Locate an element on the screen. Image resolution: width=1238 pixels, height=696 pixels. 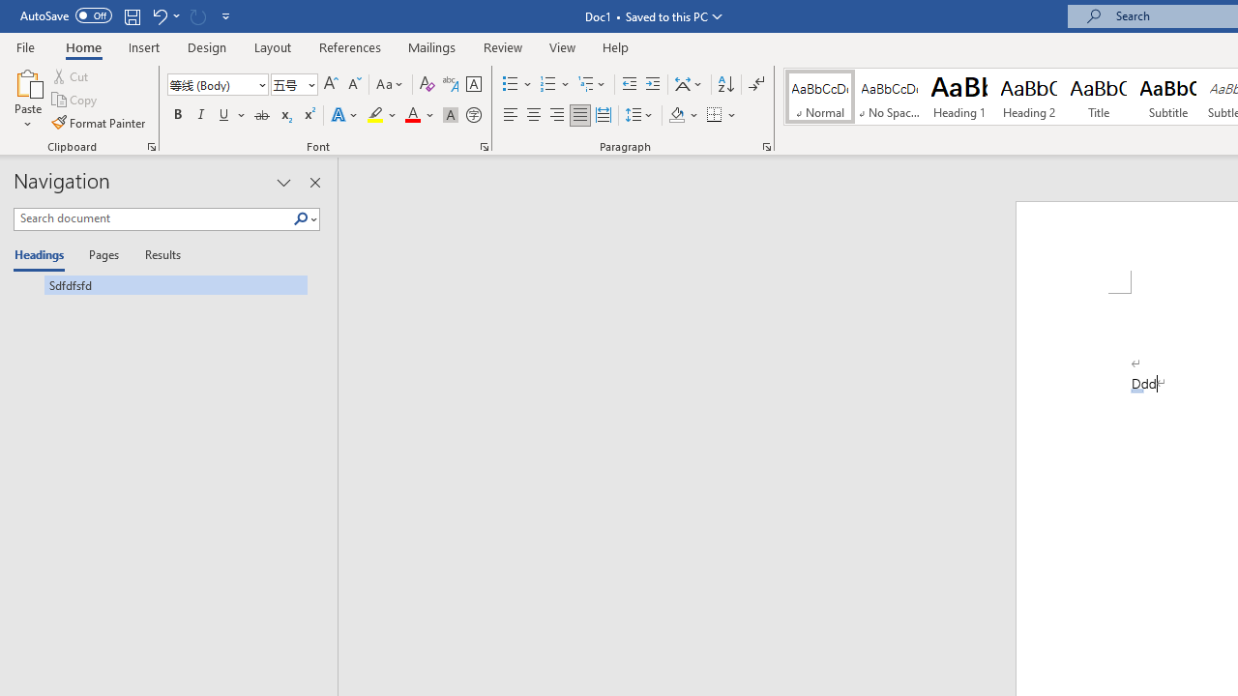
'Font Color Red' is located at coordinates (411, 115).